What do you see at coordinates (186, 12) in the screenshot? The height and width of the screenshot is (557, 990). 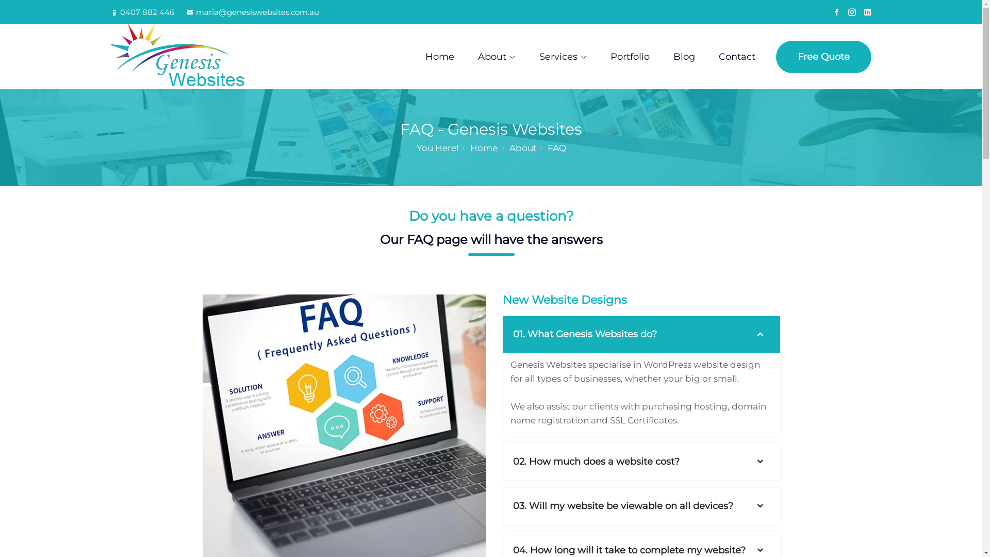 I see `'maria@genesiswebsites.com.au'` at bounding box center [186, 12].